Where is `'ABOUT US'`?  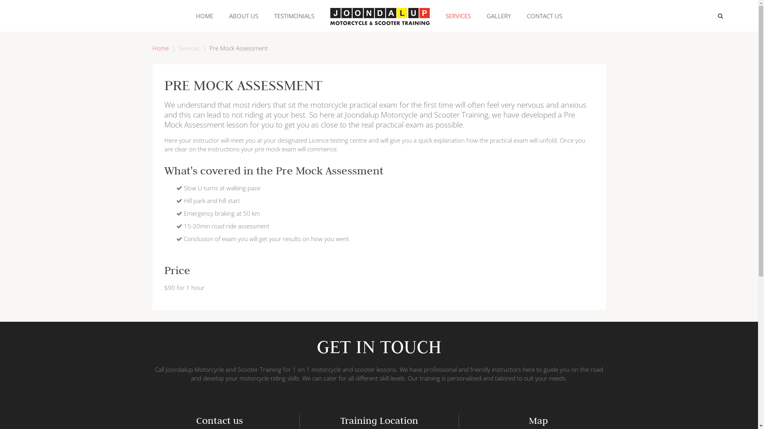 'ABOUT US' is located at coordinates (243, 15).